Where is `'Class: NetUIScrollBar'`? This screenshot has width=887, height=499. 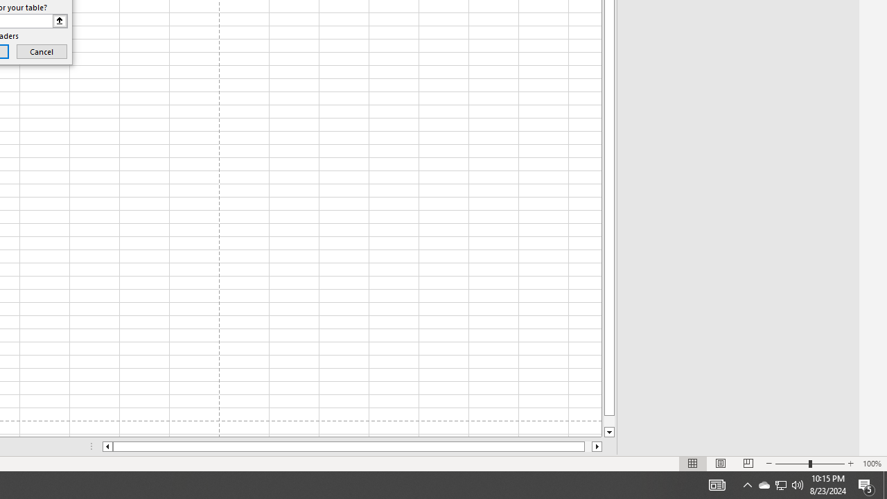 'Class: NetUIScrollBar' is located at coordinates (352, 446).